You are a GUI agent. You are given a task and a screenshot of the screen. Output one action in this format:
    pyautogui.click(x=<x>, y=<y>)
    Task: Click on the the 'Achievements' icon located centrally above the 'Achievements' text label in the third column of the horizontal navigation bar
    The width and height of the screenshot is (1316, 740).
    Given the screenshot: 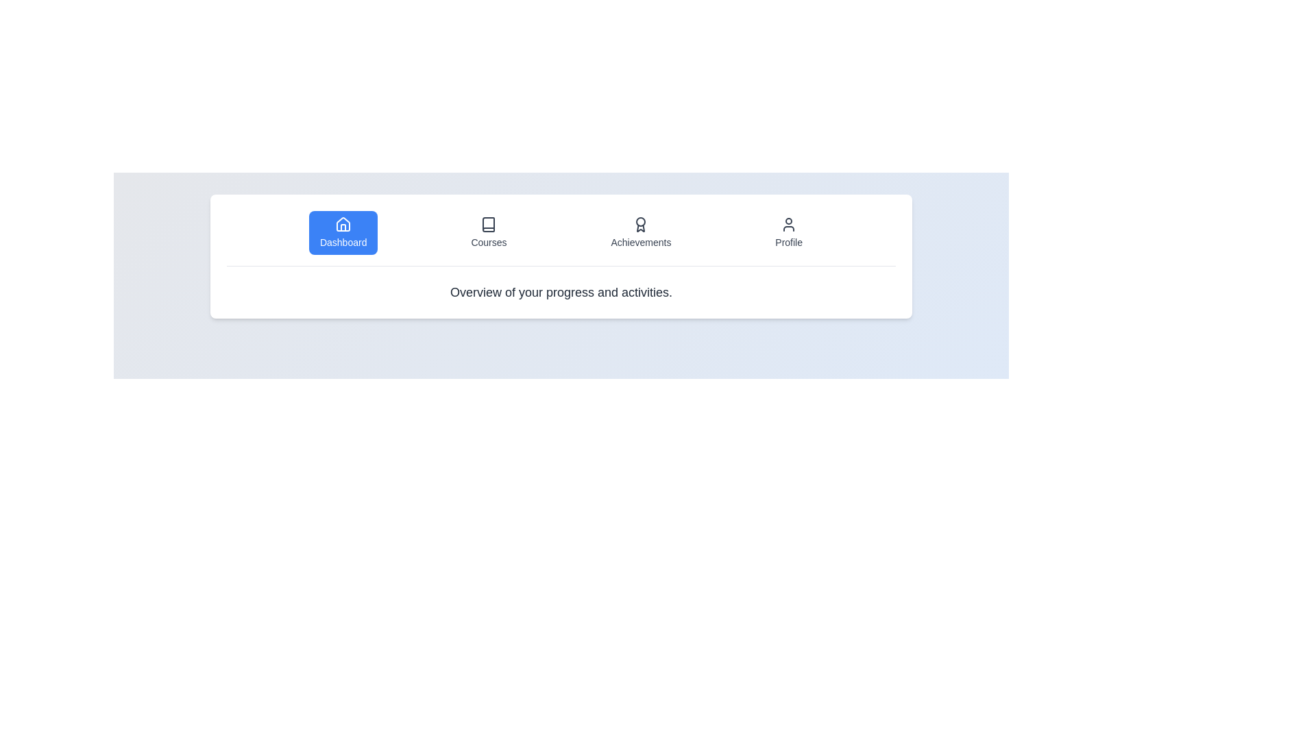 What is the action you would take?
    pyautogui.click(x=640, y=223)
    